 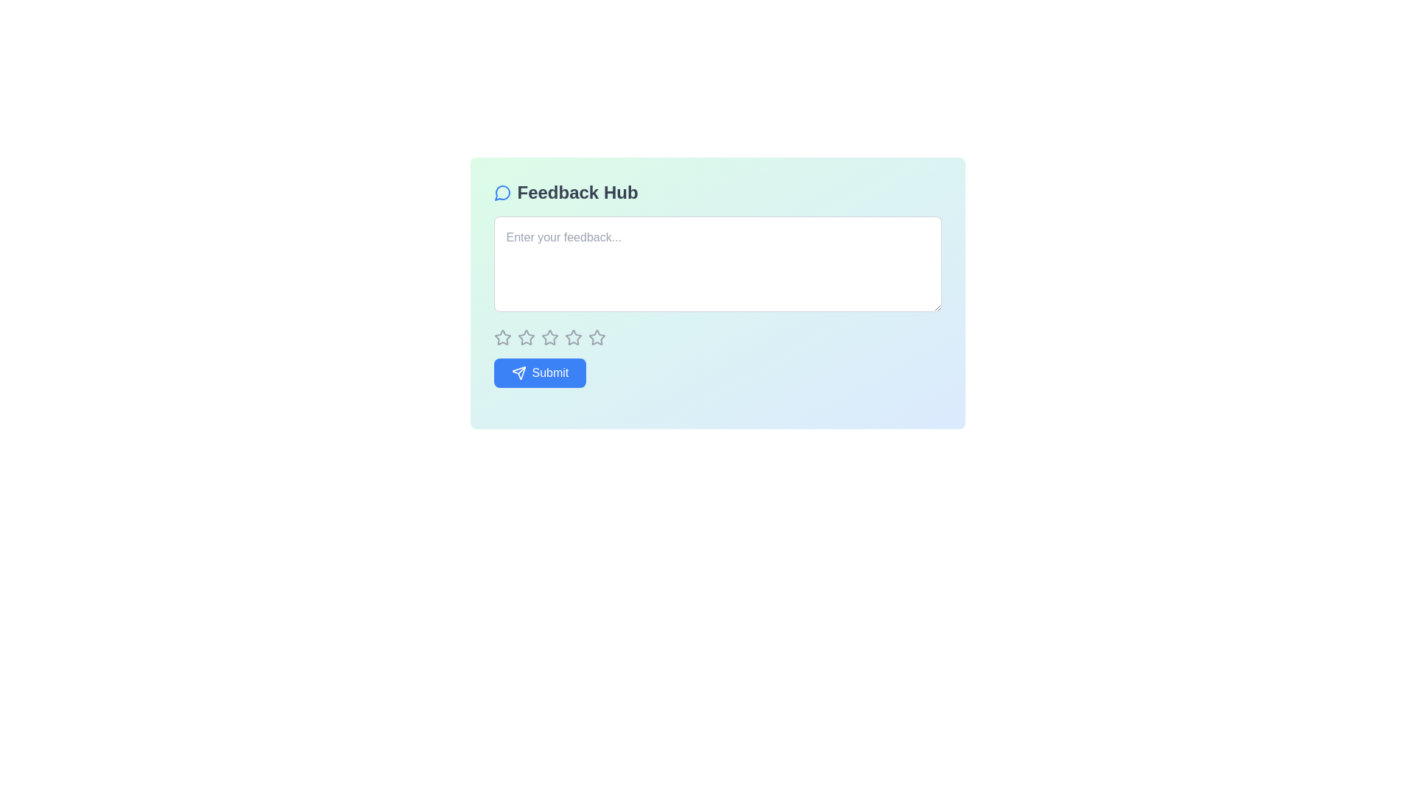 I want to click on the third star rating icon, so click(x=572, y=337).